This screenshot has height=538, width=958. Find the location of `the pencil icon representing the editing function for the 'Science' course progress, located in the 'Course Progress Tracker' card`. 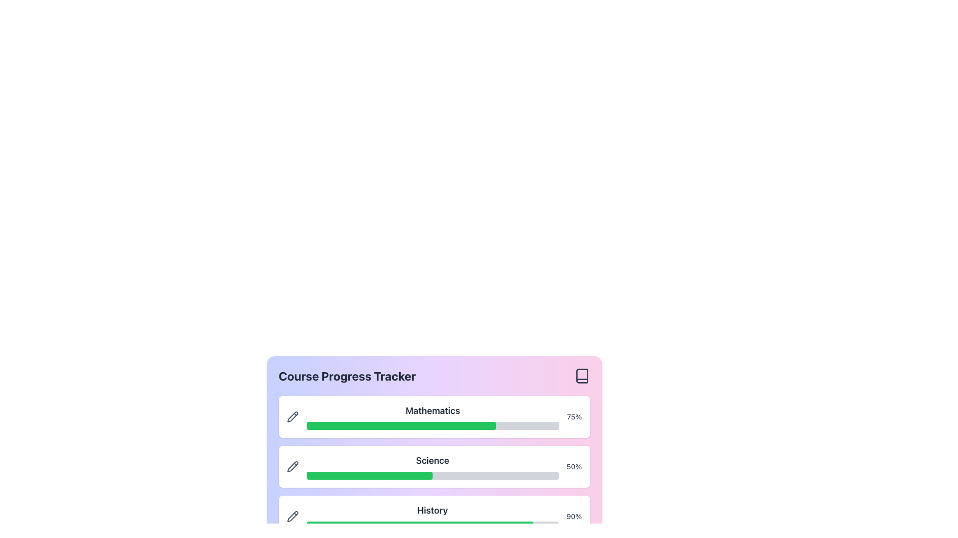

the pencil icon representing the editing function for the 'Science' course progress, located in the 'Course Progress Tracker' card is located at coordinates (292, 467).